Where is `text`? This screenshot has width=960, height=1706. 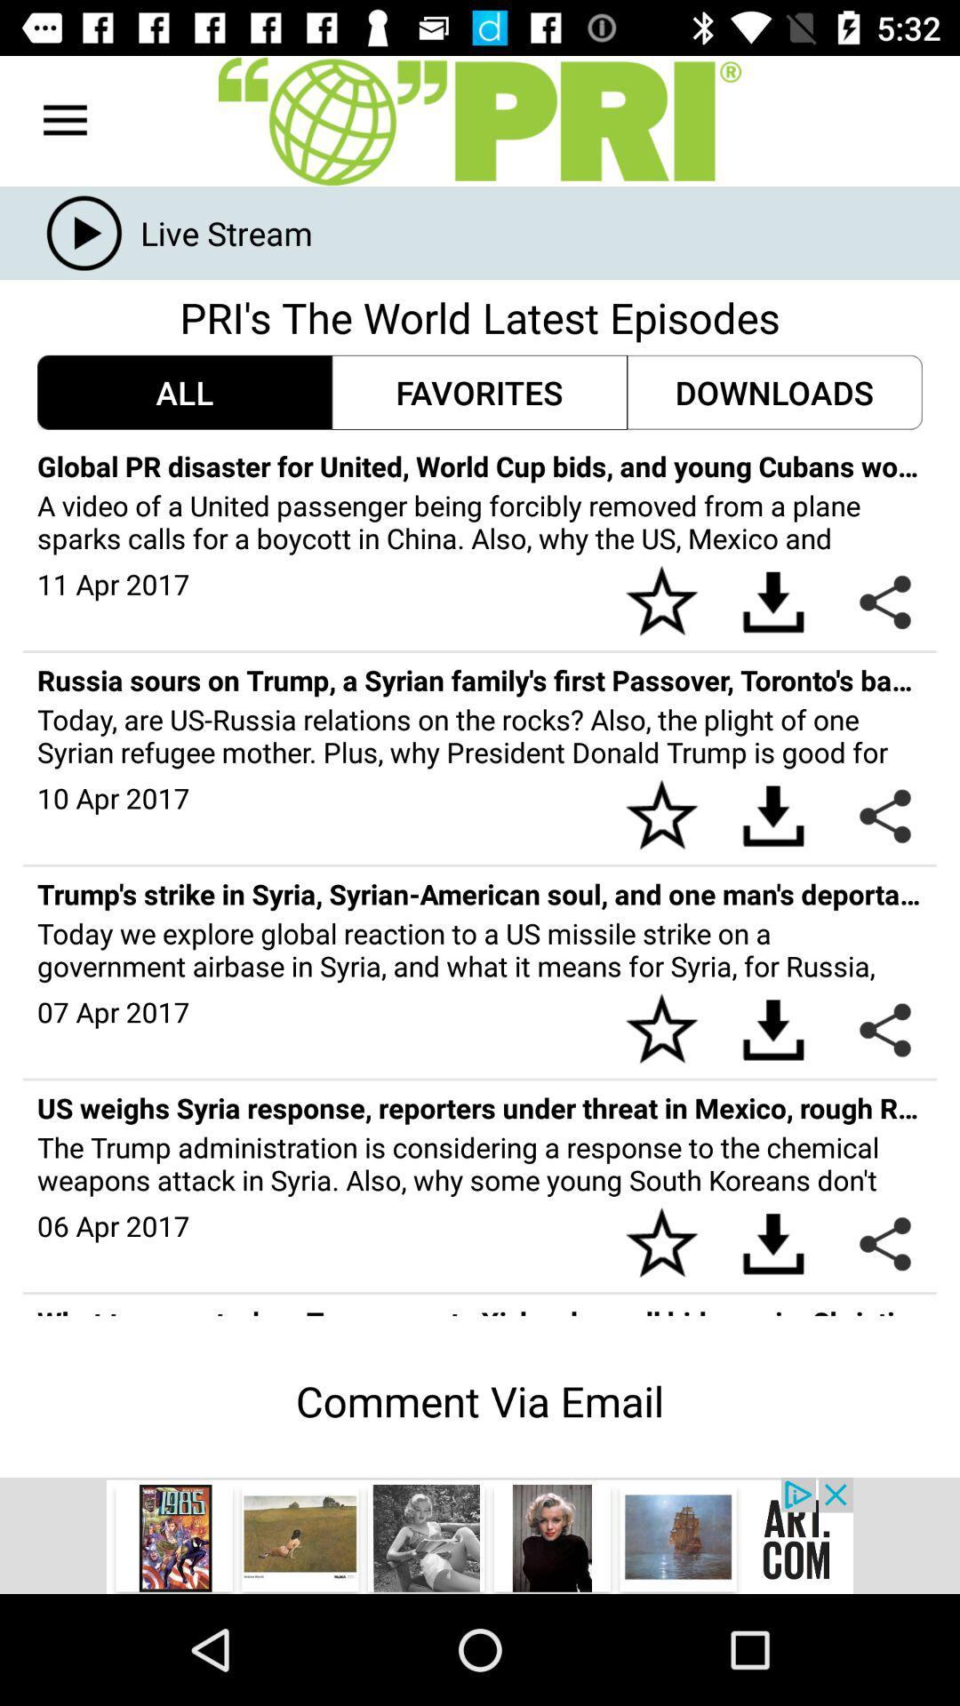
text is located at coordinates (480, 120).